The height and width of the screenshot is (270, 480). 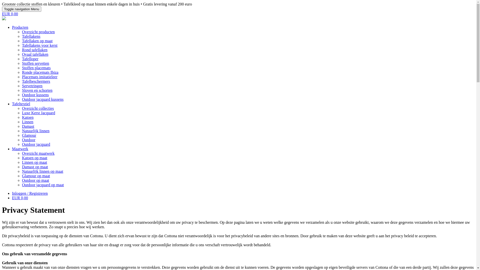 I want to click on 'Maatwerk', so click(x=20, y=148).